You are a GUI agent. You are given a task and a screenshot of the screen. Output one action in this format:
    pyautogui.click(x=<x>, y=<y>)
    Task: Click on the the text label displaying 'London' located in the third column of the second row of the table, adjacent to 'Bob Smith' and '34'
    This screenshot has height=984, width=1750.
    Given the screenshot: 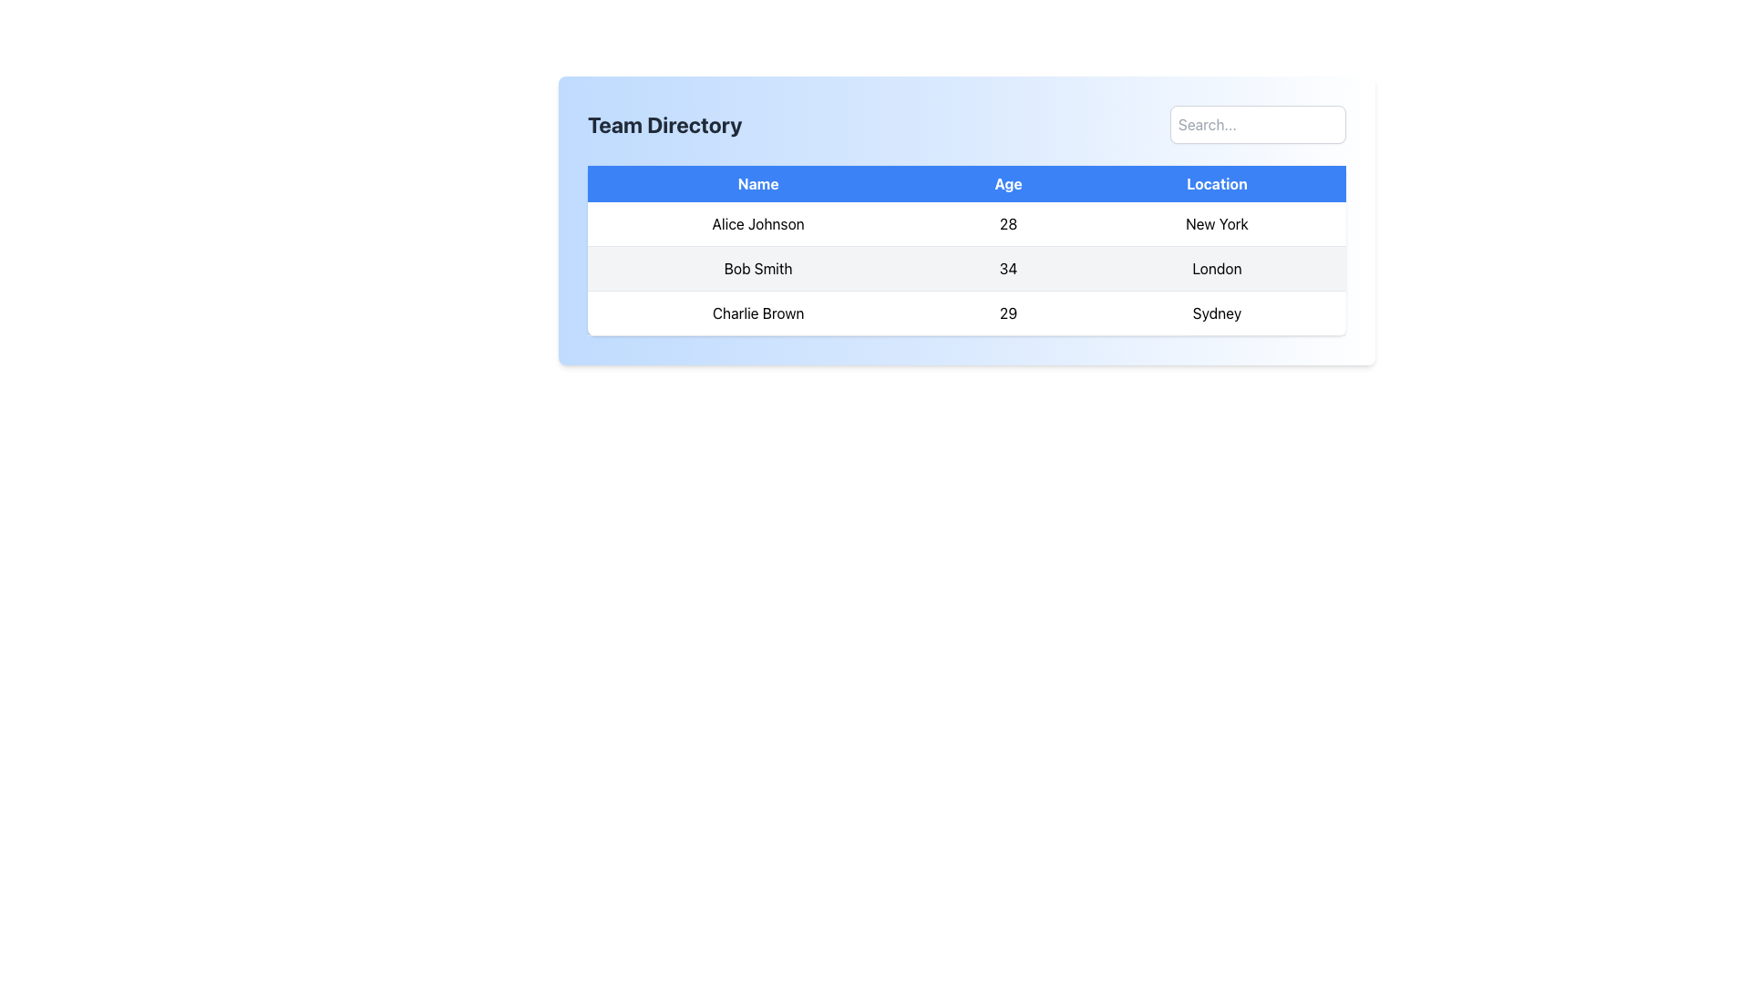 What is the action you would take?
    pyautogui.click(x=1217, y=268)
    